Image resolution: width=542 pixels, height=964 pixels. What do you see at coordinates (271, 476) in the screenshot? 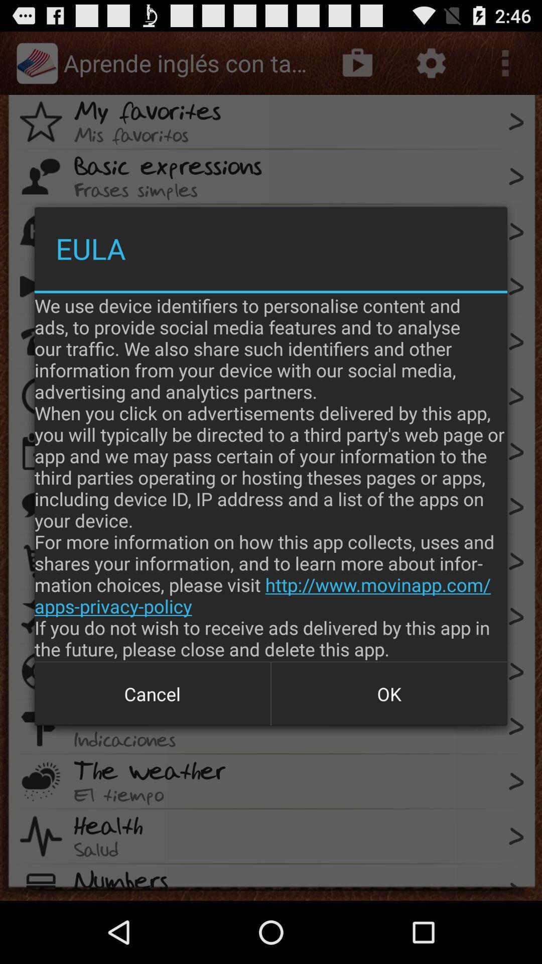
I see `we use device item` at bounding box center [271, 476].